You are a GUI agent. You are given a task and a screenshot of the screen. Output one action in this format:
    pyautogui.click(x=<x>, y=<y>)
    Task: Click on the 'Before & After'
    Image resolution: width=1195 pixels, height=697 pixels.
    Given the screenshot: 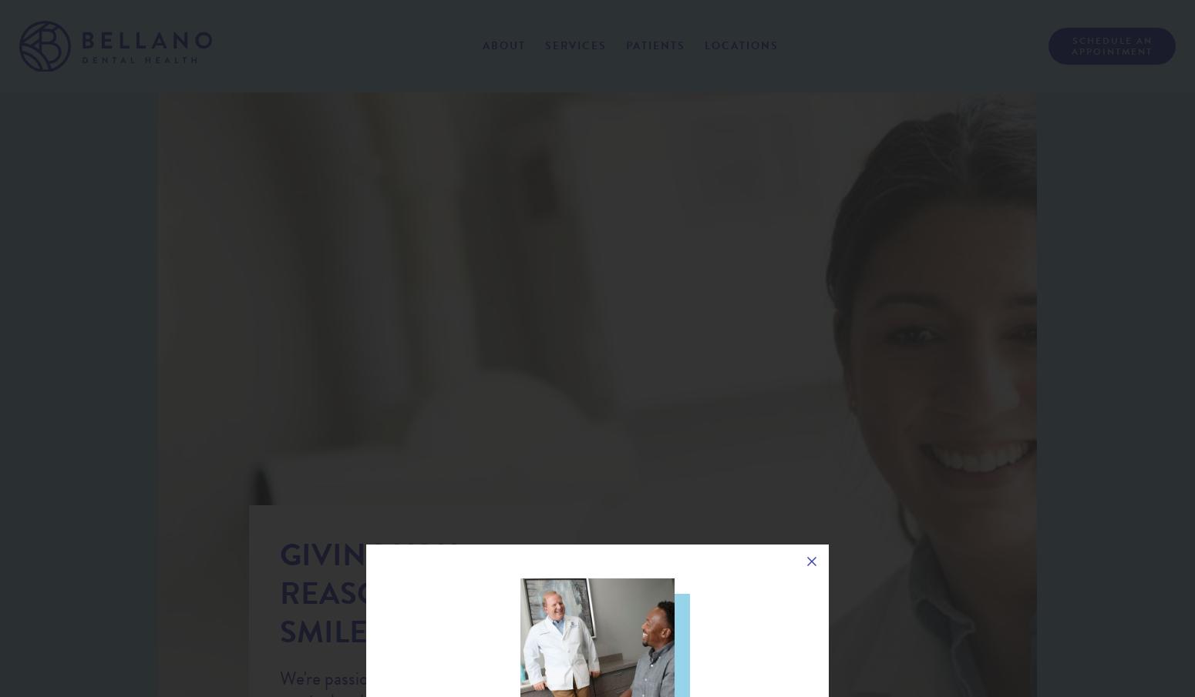 What is the action you would take?
    pyautogui.click(x=494, y=195)
    